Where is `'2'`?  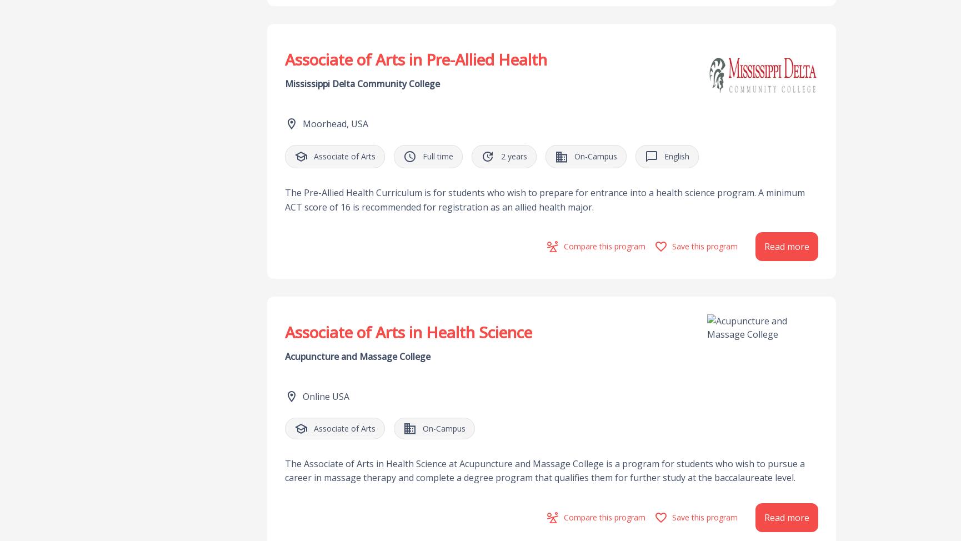 '2' is located at coordinates (500, 156).